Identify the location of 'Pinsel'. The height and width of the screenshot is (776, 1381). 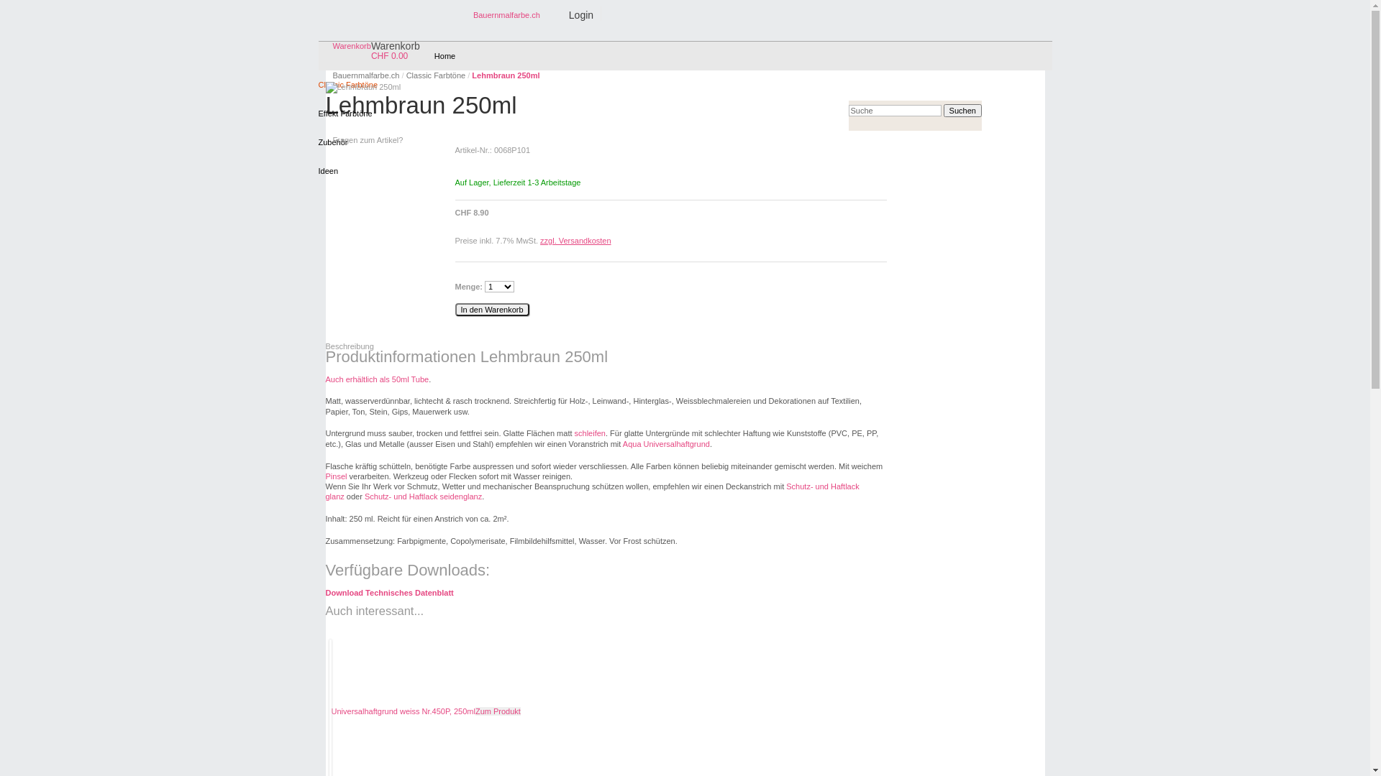
(334, 476).